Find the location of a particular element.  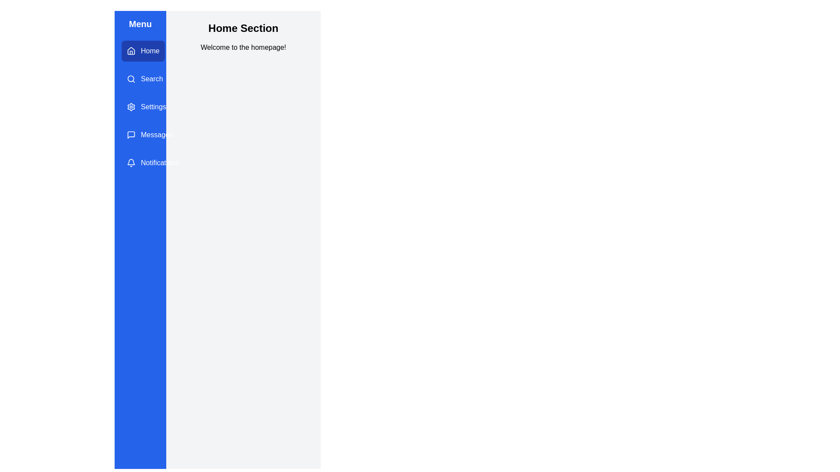

the 'Settings' navigation link located in the left-side menu, which is the third option below 'Search' and above 'Messages' is located at coordinates (153, 107).